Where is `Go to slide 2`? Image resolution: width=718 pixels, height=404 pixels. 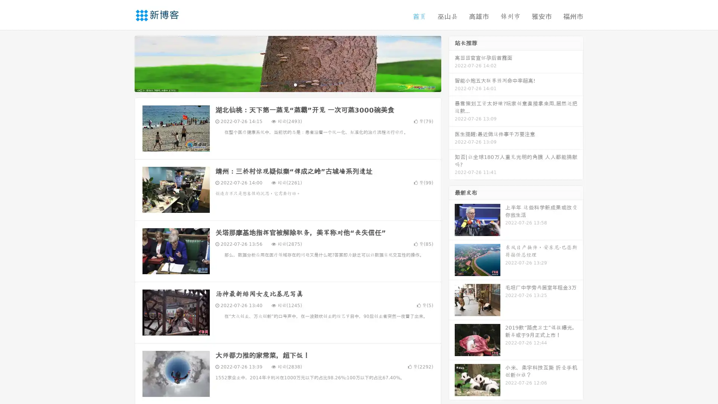 Go to slide 2 is located at coordinates (287, 84).